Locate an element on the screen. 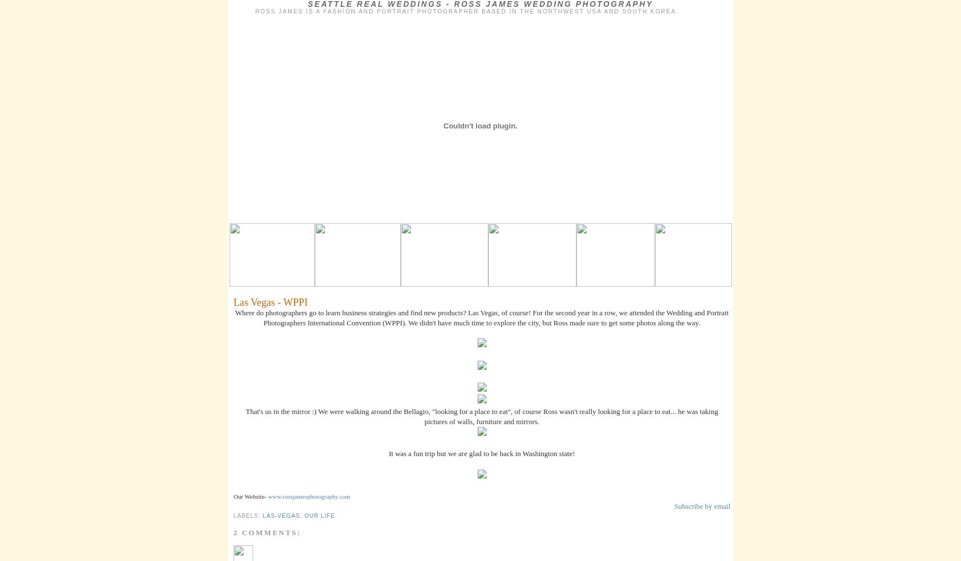 The height and width of the screenshot is (561, 961). 'www.rossjamesphotography.com' is located at coordinates (267, 496).